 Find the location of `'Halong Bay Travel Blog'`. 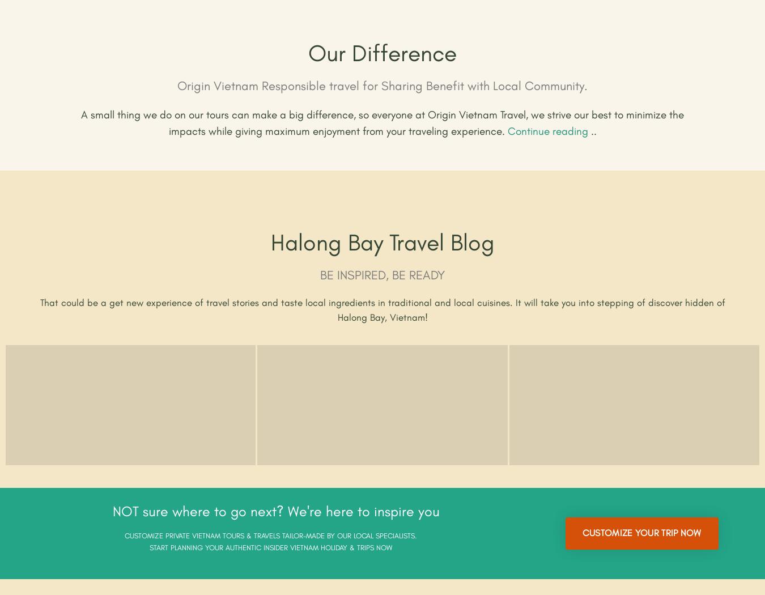

'Halong Bay Travel Blog' is located at coordinates (382, 243).